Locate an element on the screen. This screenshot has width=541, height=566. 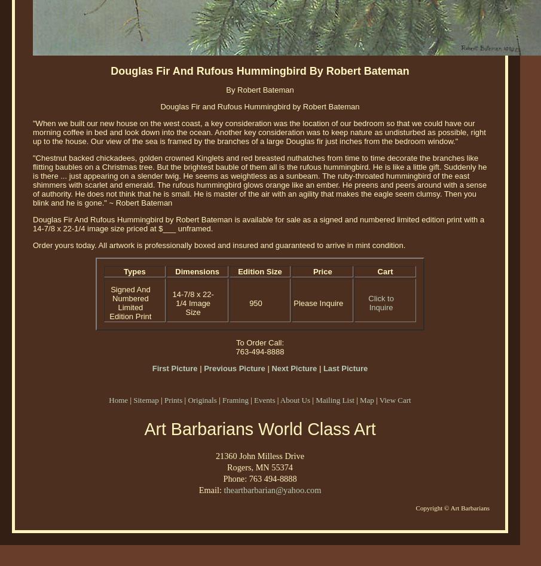
'763-494-8888' is located at coordinates (259, 351).